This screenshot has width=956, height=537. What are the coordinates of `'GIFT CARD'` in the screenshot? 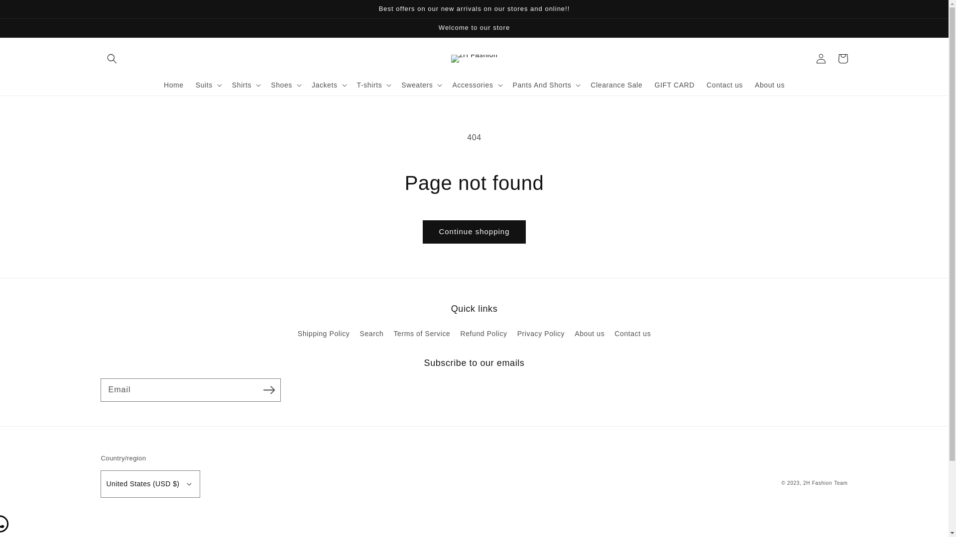 It's located at (648, 84).